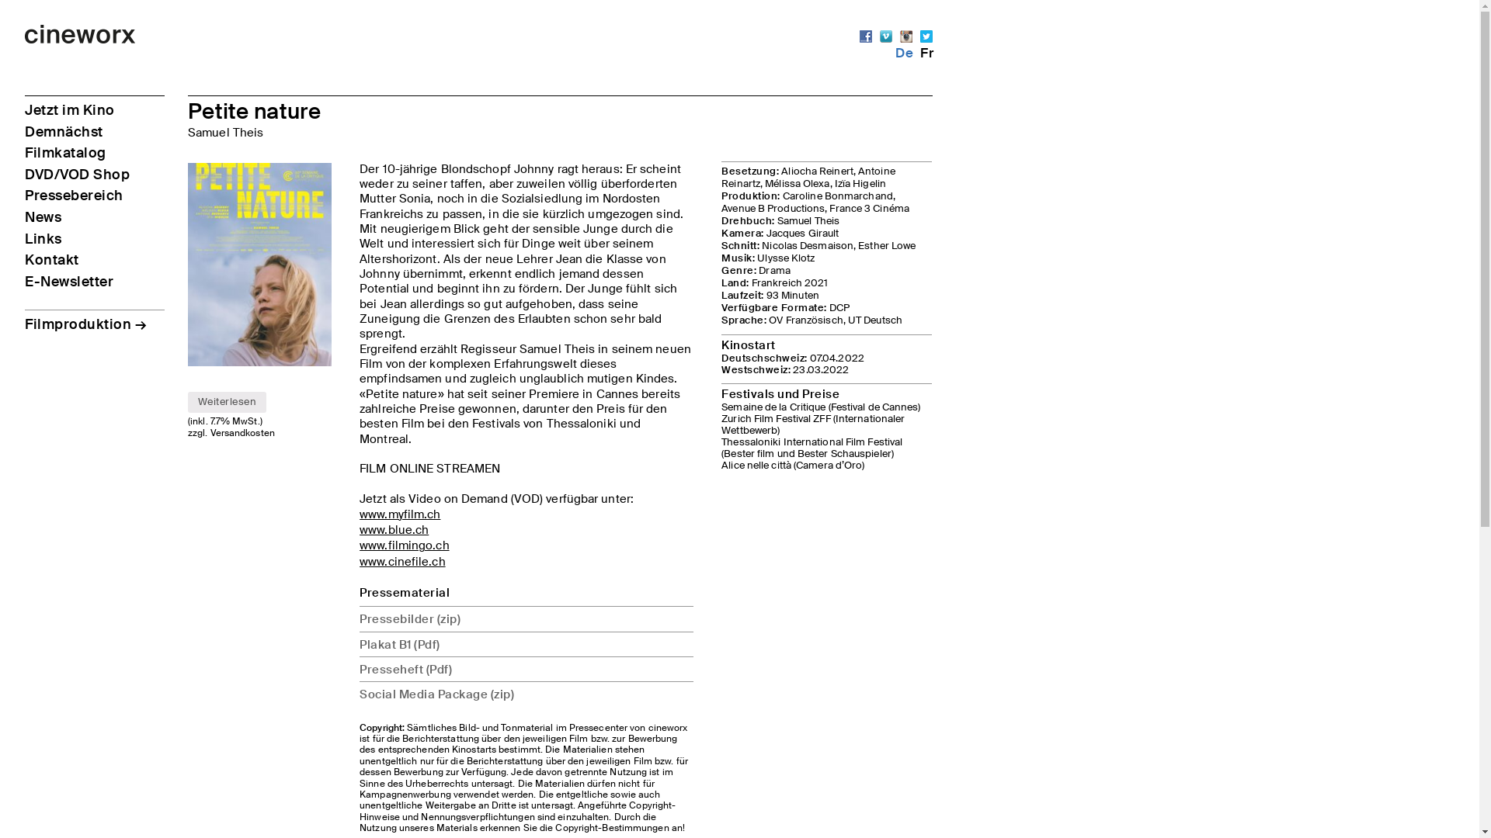 This screenshot has height=838, width=1491. What do you see at coordinates (904, 52) in the screenshot?
I see `'De'` at bounding box center [904, 52].